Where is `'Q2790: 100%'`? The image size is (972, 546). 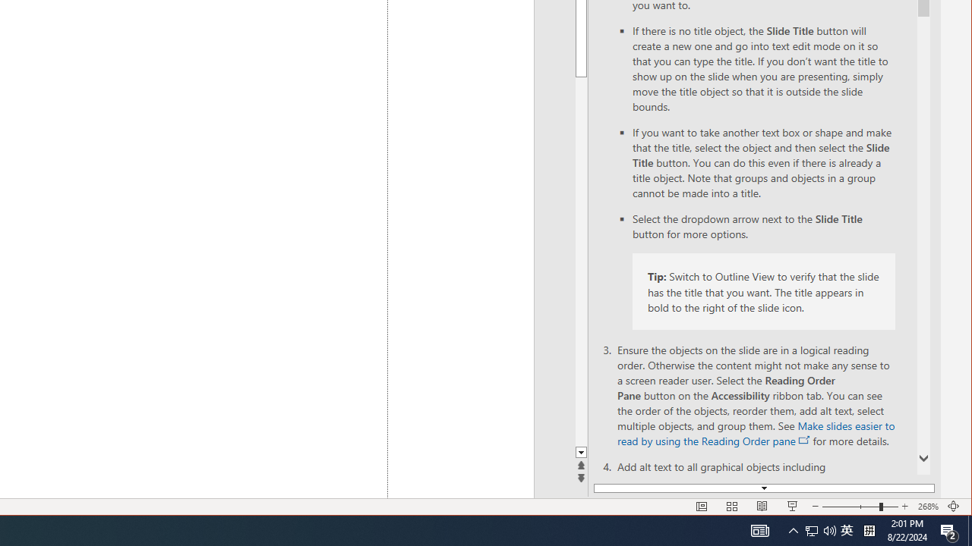 'Q2790: 100%' is located at coordinates (829, 529).